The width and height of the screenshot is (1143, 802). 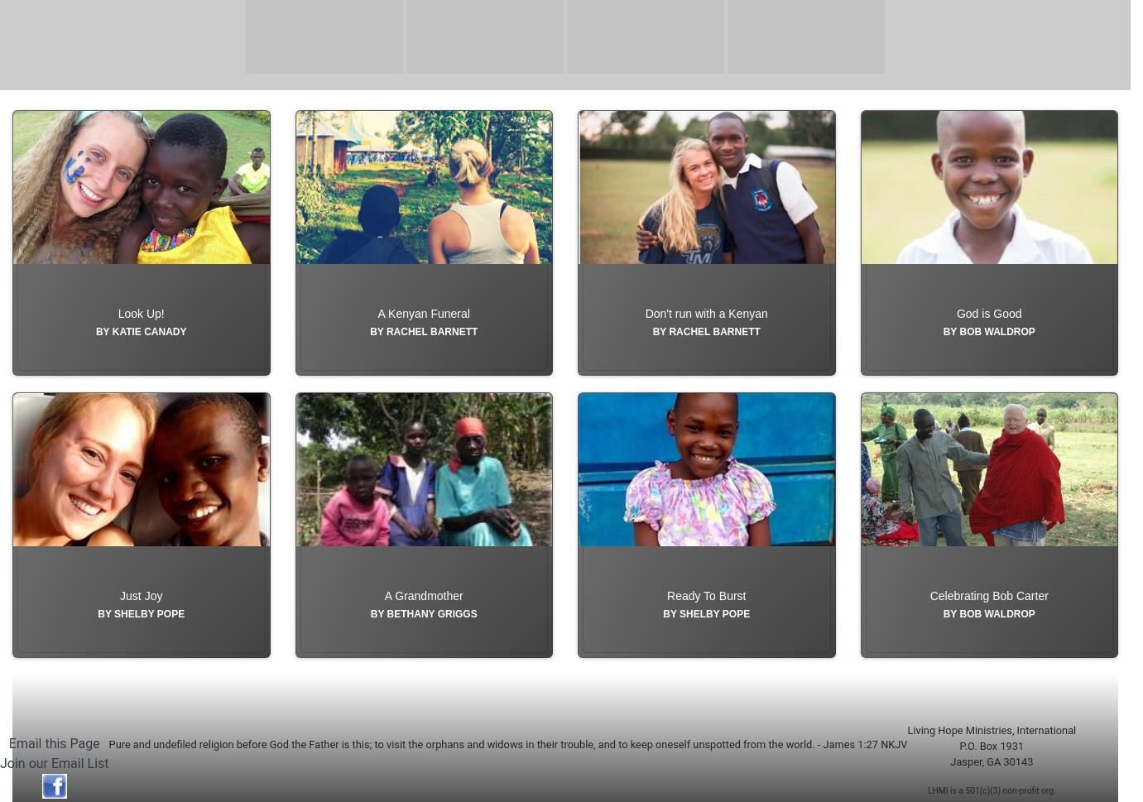 I want to click on 'God is Good', so click(x=956, y=350).